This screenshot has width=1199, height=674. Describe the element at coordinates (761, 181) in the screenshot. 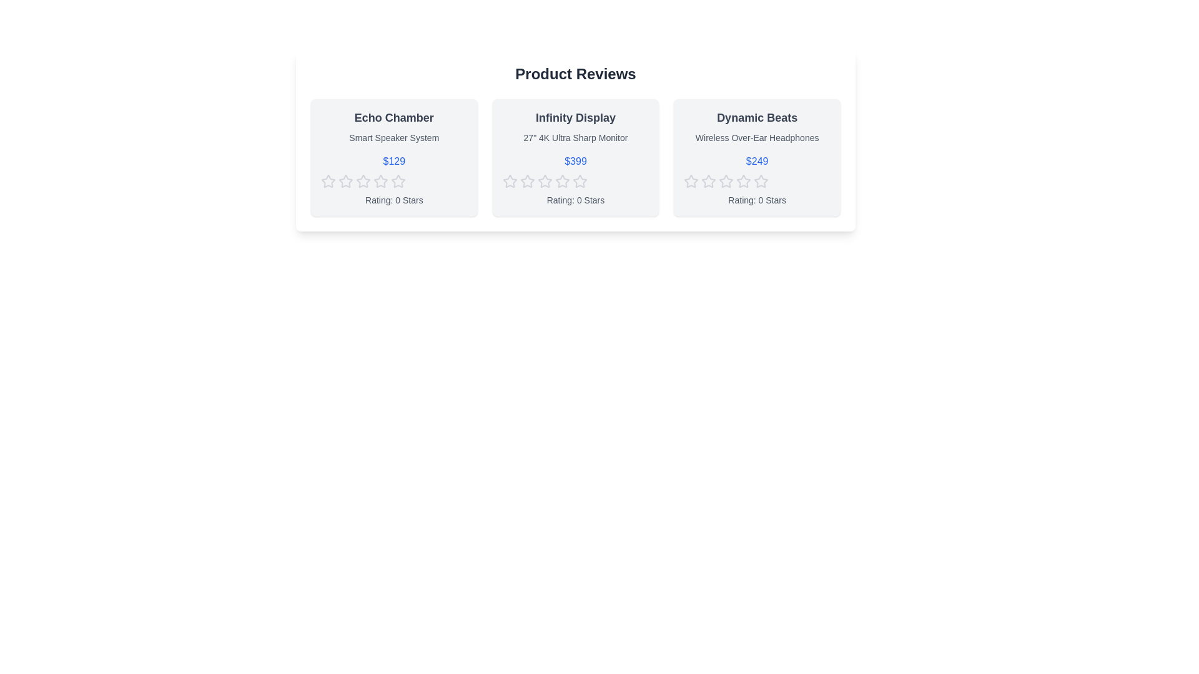

I see `the fifth Star Rating Icon` at that location.